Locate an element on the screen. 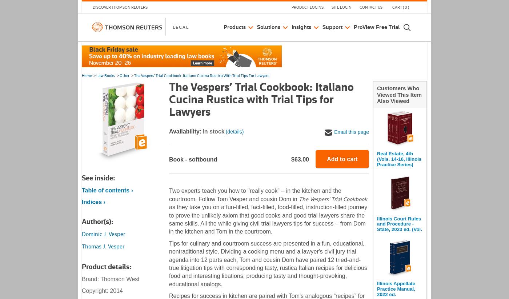 The image size is (509, 299). 'Add to cart' is located at coordinates (341, 158).